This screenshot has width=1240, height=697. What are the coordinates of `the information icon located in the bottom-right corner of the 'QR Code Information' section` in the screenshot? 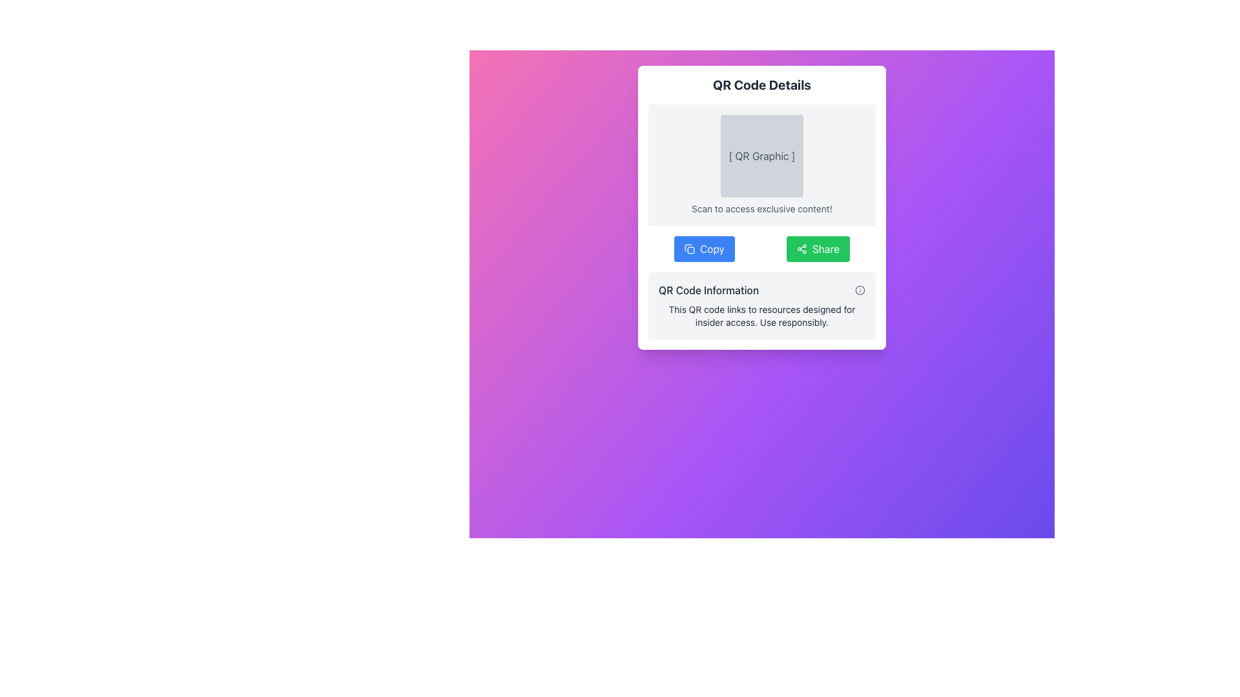 It's located at (860, 290).